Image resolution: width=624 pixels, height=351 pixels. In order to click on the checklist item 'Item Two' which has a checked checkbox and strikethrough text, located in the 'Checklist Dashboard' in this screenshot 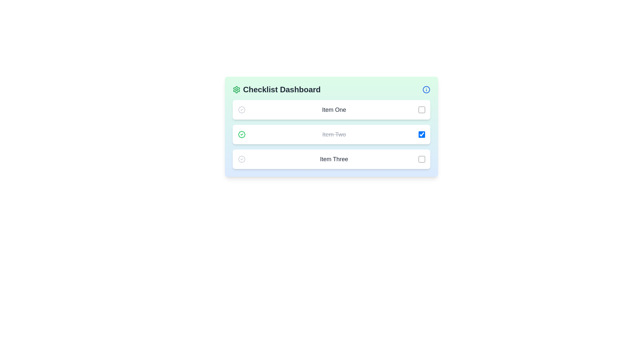, I will do `click(331, 134)`.